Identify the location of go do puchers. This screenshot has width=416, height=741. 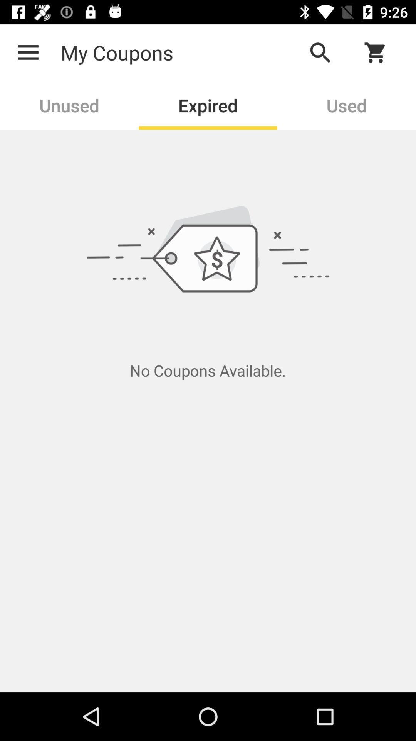
(380, 52).